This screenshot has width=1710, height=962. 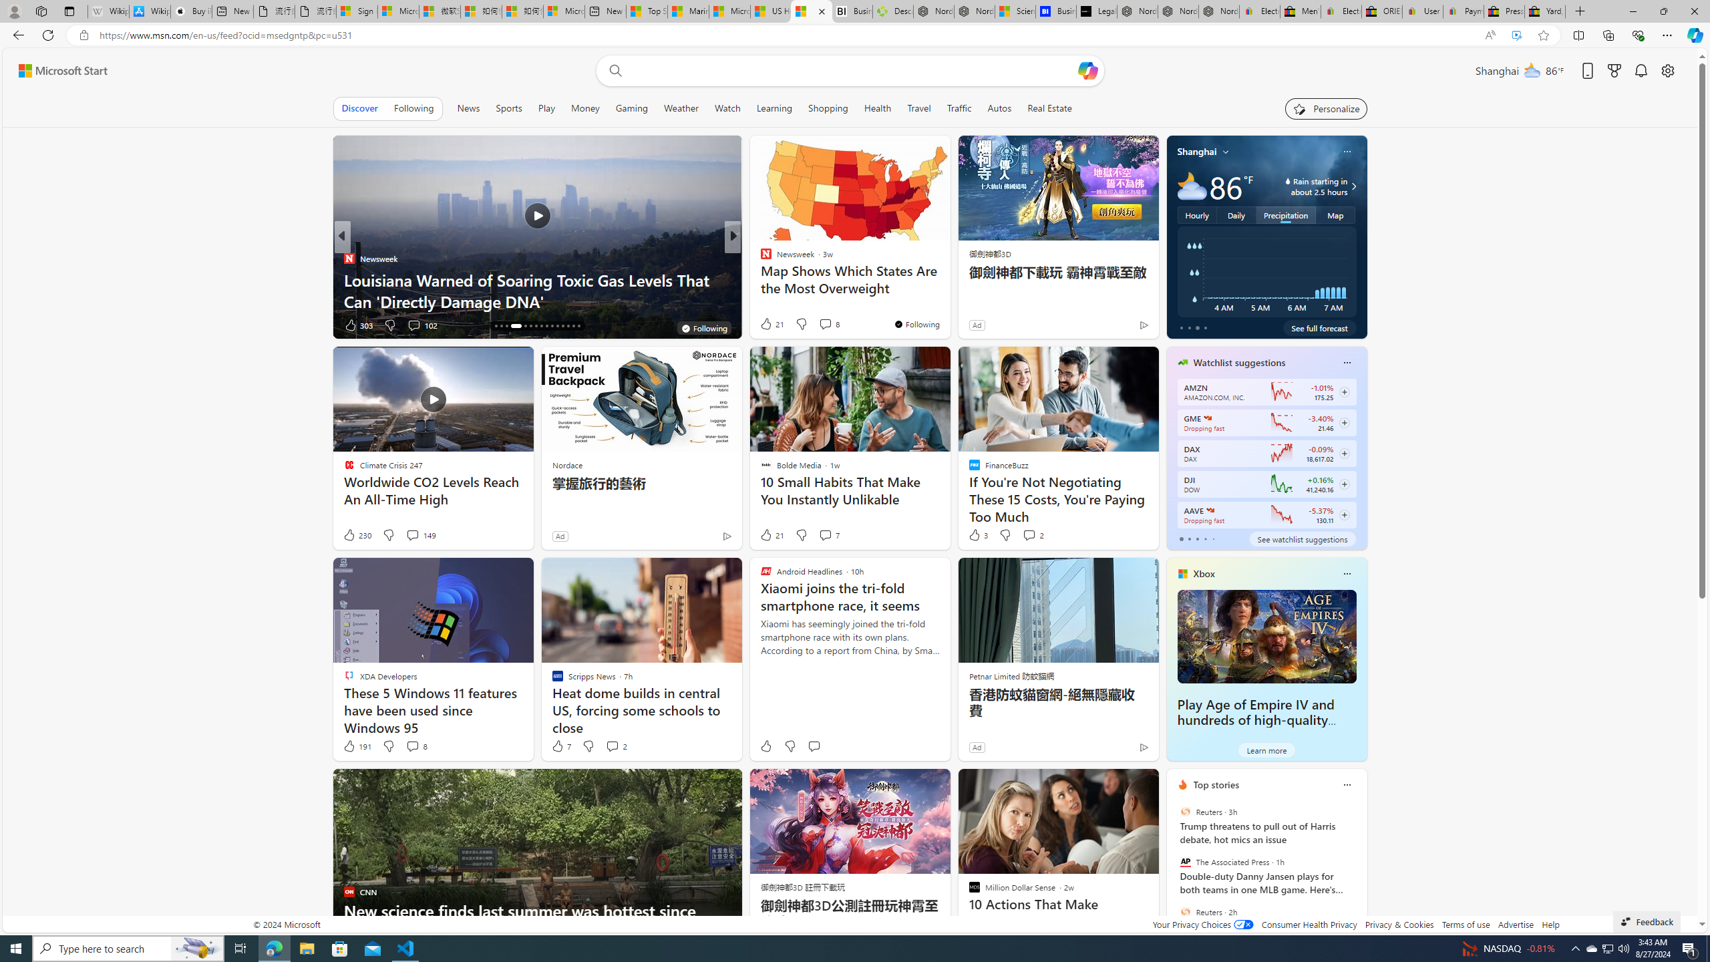 I want to click on '14 Funny Ways People Try to Save Money', so click(x=947, y=300).